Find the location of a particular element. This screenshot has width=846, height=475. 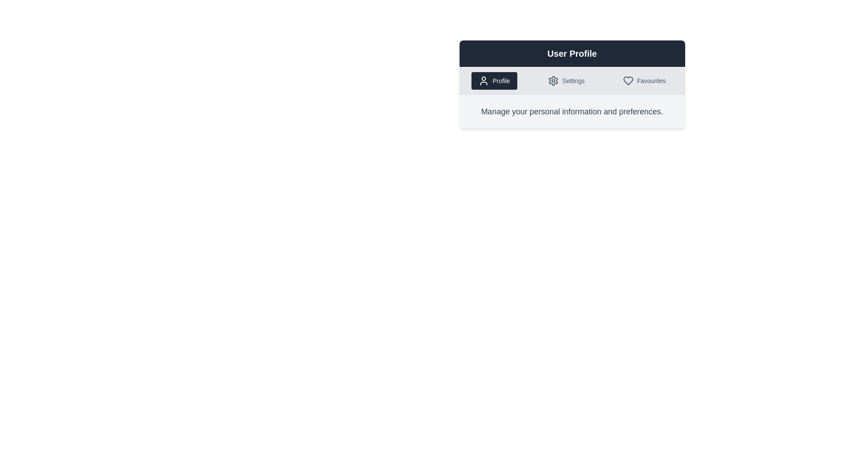

the tab labeled Settings to highlight it is located at coordinates (566, 81).